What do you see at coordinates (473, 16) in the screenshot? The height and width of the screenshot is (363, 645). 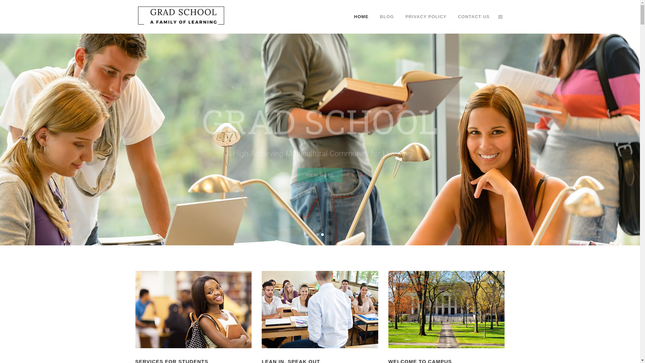 I see `'CONTACT US'` at bounding box center [473, 16].